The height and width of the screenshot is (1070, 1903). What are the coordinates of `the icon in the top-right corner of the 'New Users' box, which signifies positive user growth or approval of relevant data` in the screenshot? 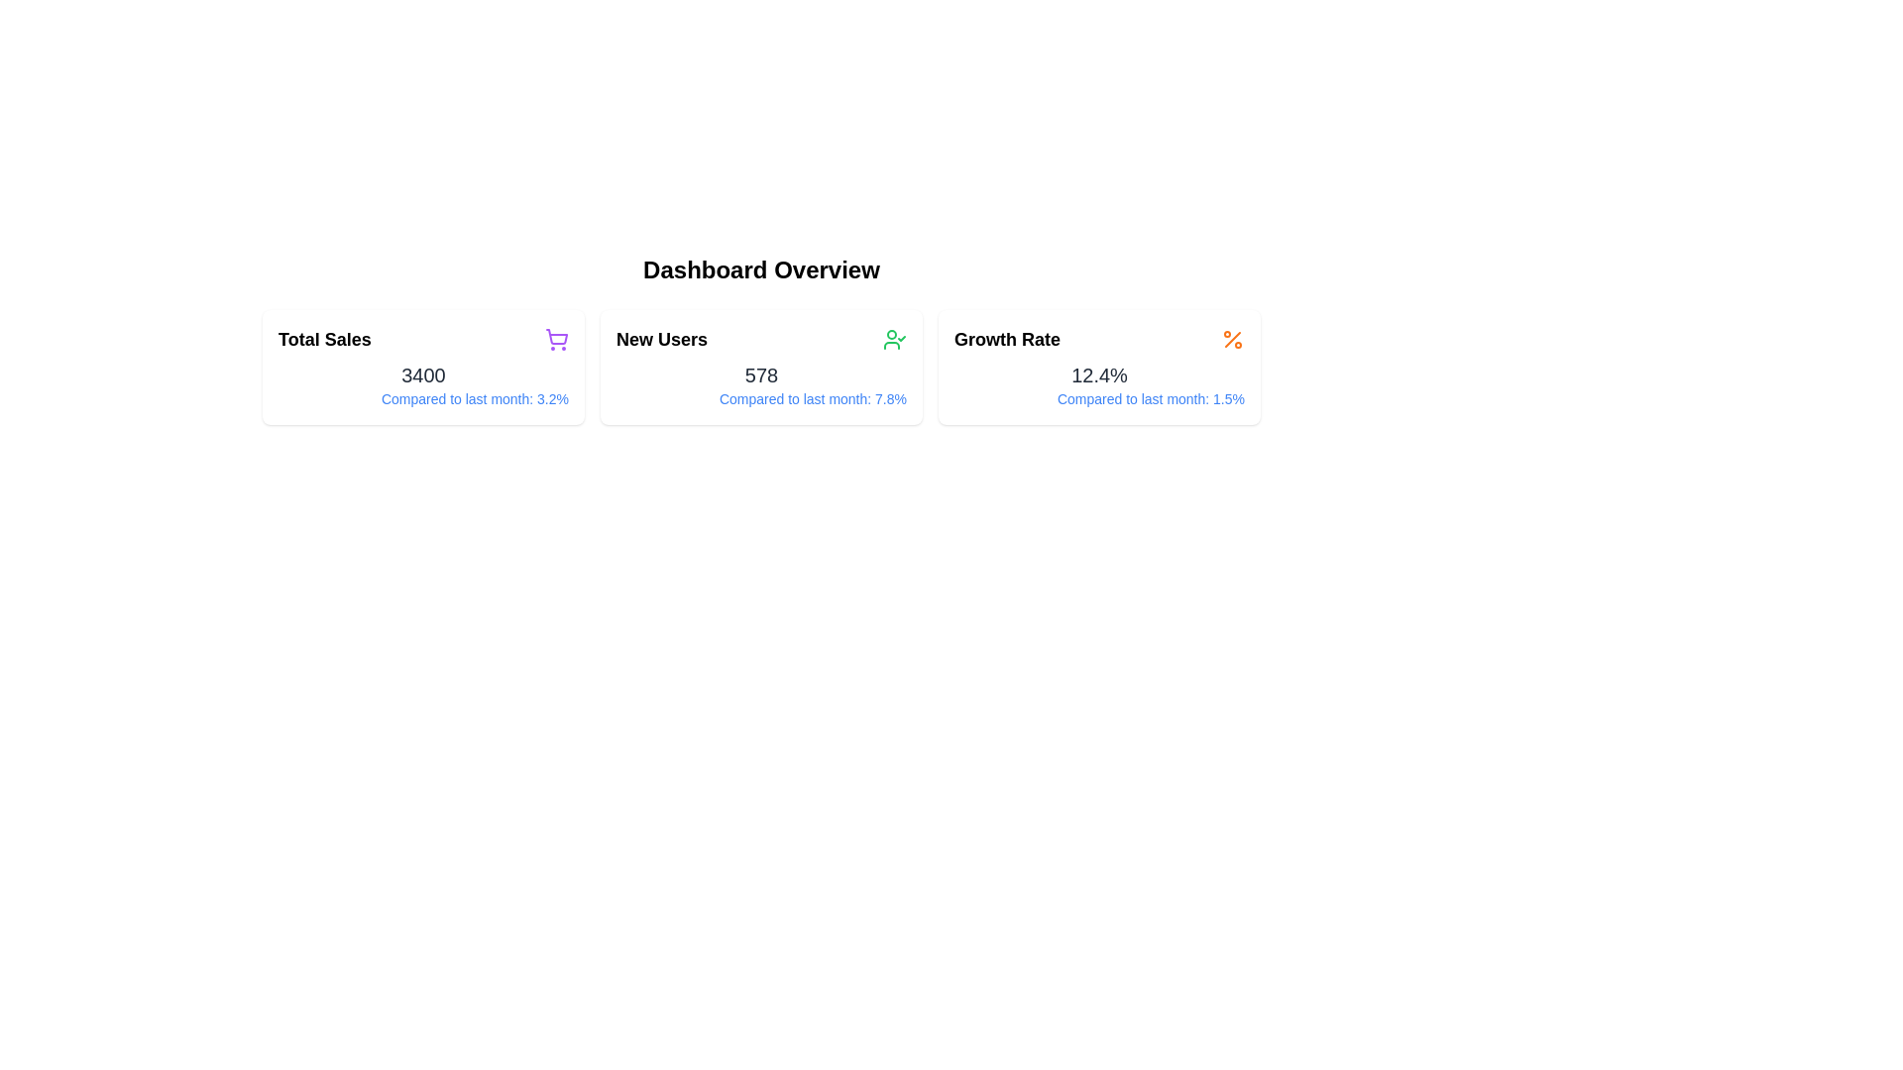 It's located at (893, 339).